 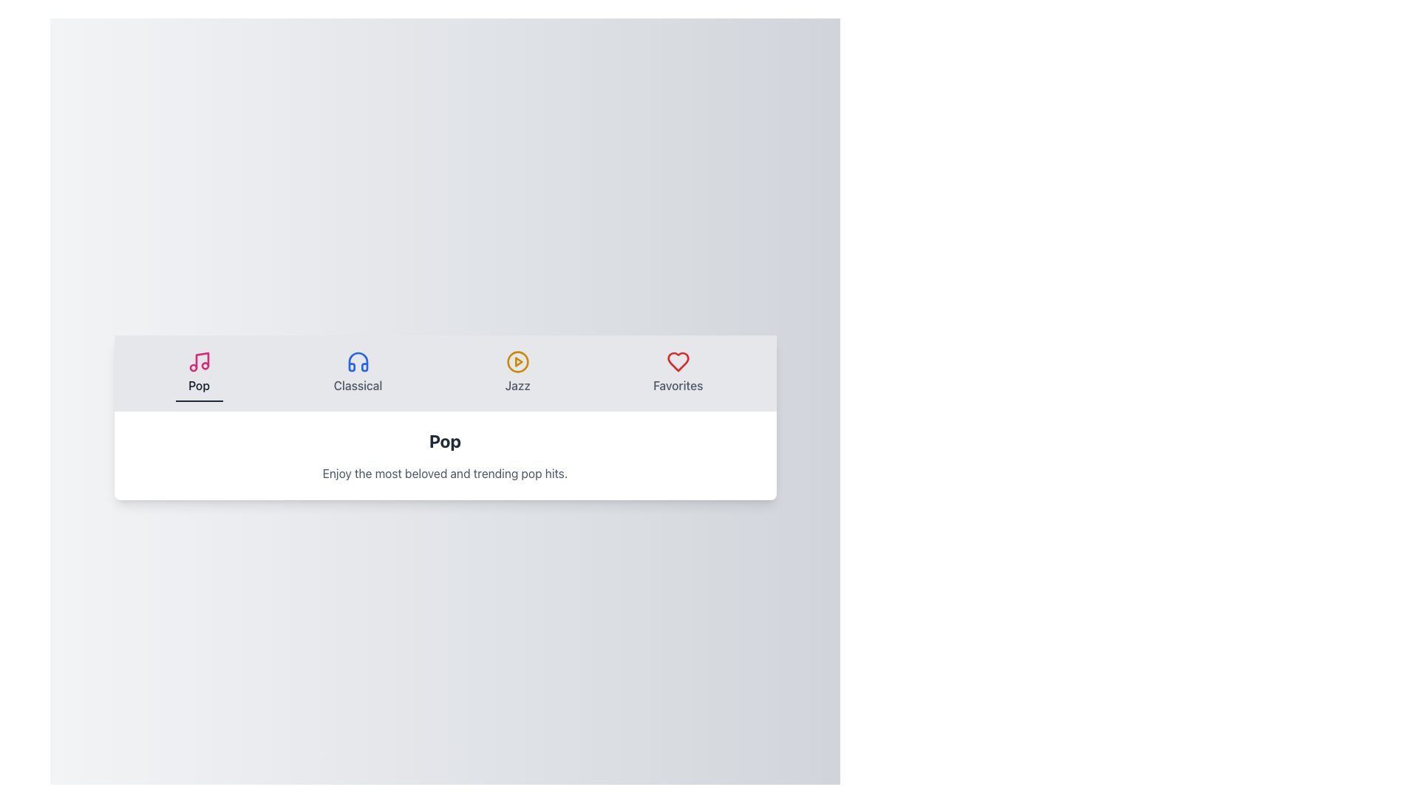 I want to click on the static text label that describes the favorites menu option, located below the heart icon in the top-right horizontal menu section, so click(x=677, y=384).